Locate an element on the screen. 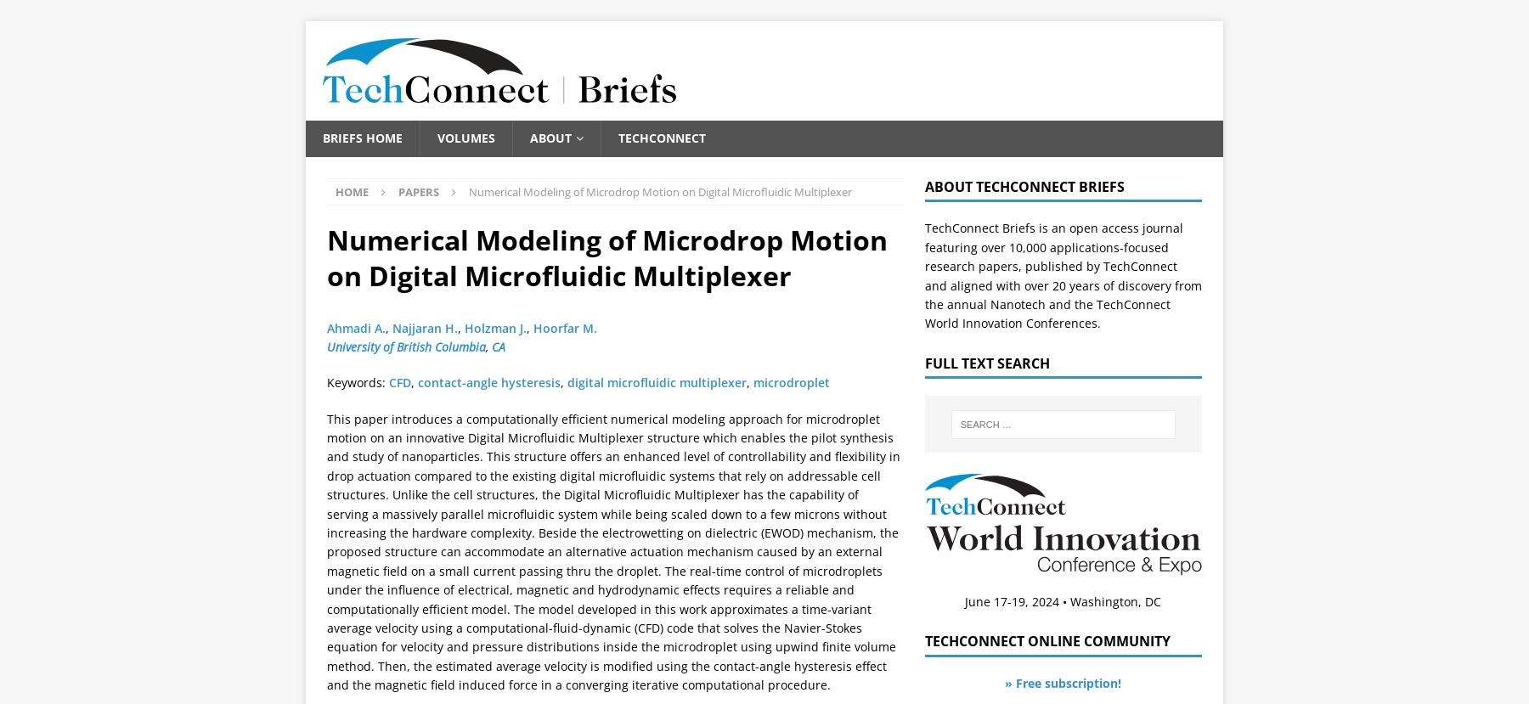 This screenshot has width=1529, height=704. 'Holzman J.' is located at coordinates (495, 327).